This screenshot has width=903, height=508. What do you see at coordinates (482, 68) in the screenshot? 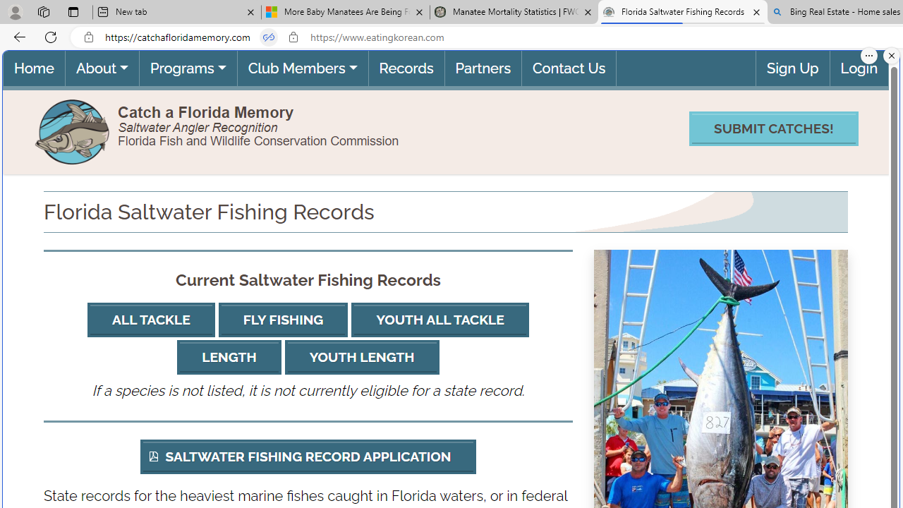
I see `'Partners'` at bounding box center [482, 68].